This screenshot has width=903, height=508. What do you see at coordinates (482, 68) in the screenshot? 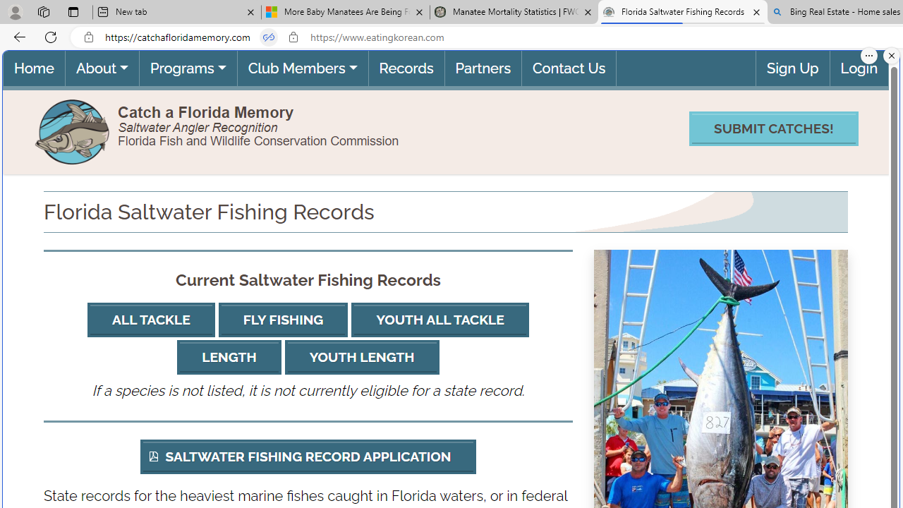
I see `'Partners'` at bounding box center [482, 68].